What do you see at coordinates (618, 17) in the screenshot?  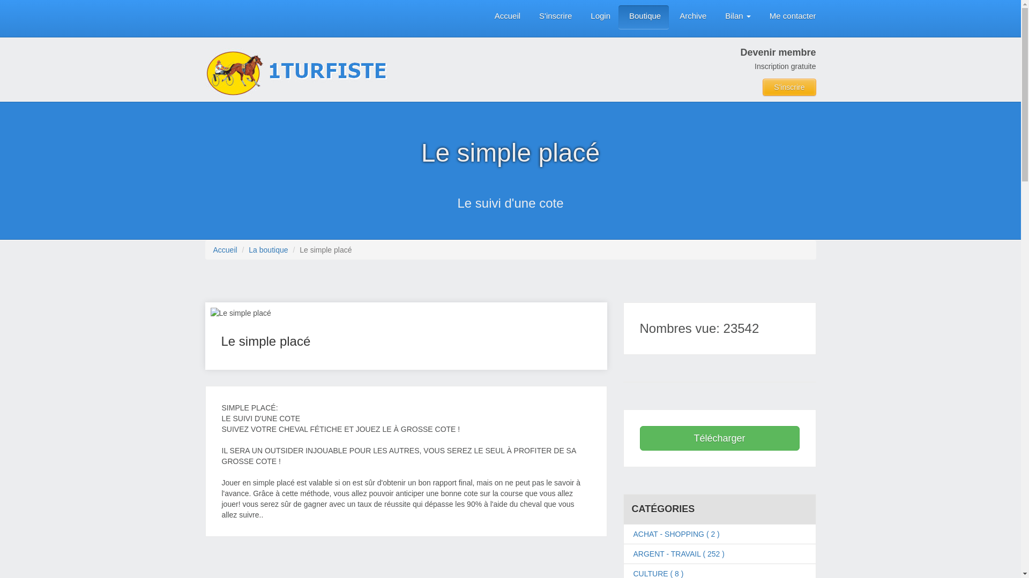 I see `'Boutique'` at bounding box center [618, 17].